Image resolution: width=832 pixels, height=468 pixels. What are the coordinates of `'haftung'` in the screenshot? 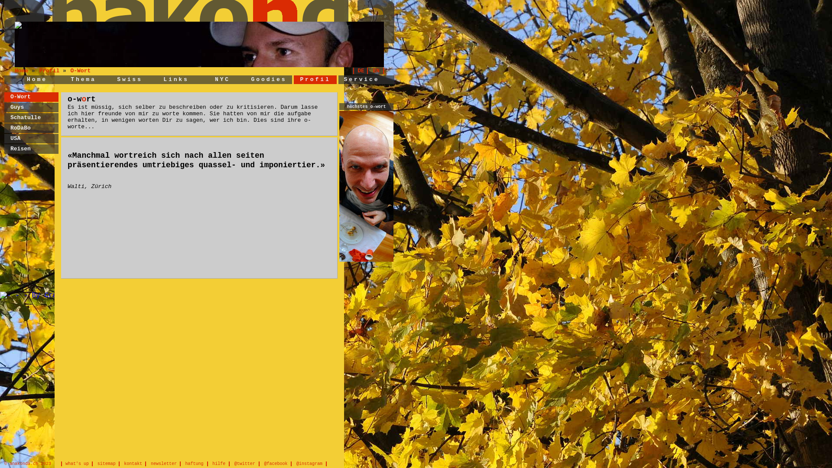 It's located at (184, 463).